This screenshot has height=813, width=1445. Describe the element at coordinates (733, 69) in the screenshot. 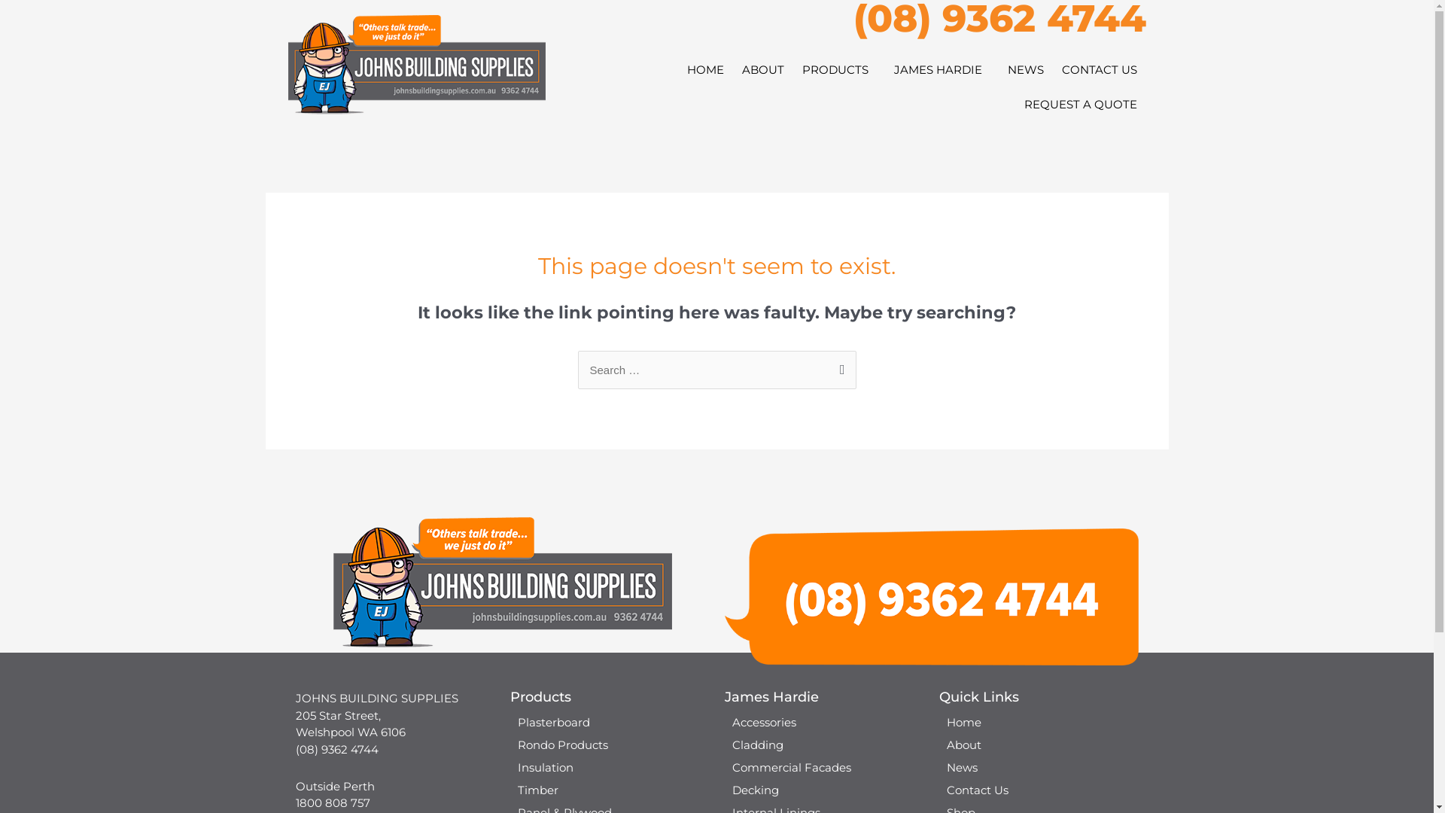

I see `'ABOUT'` at that location.